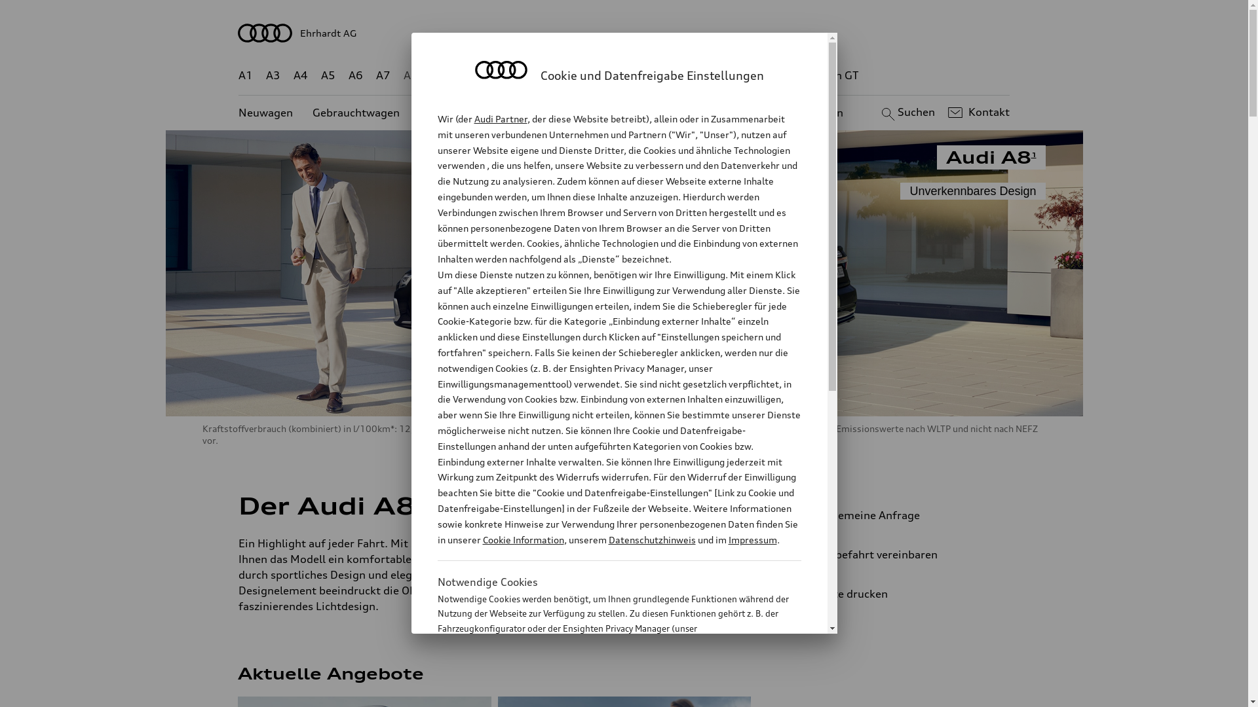 The width and height of the screenshot is (1258, 707). I want to click on 'A3', so click(273, 75).